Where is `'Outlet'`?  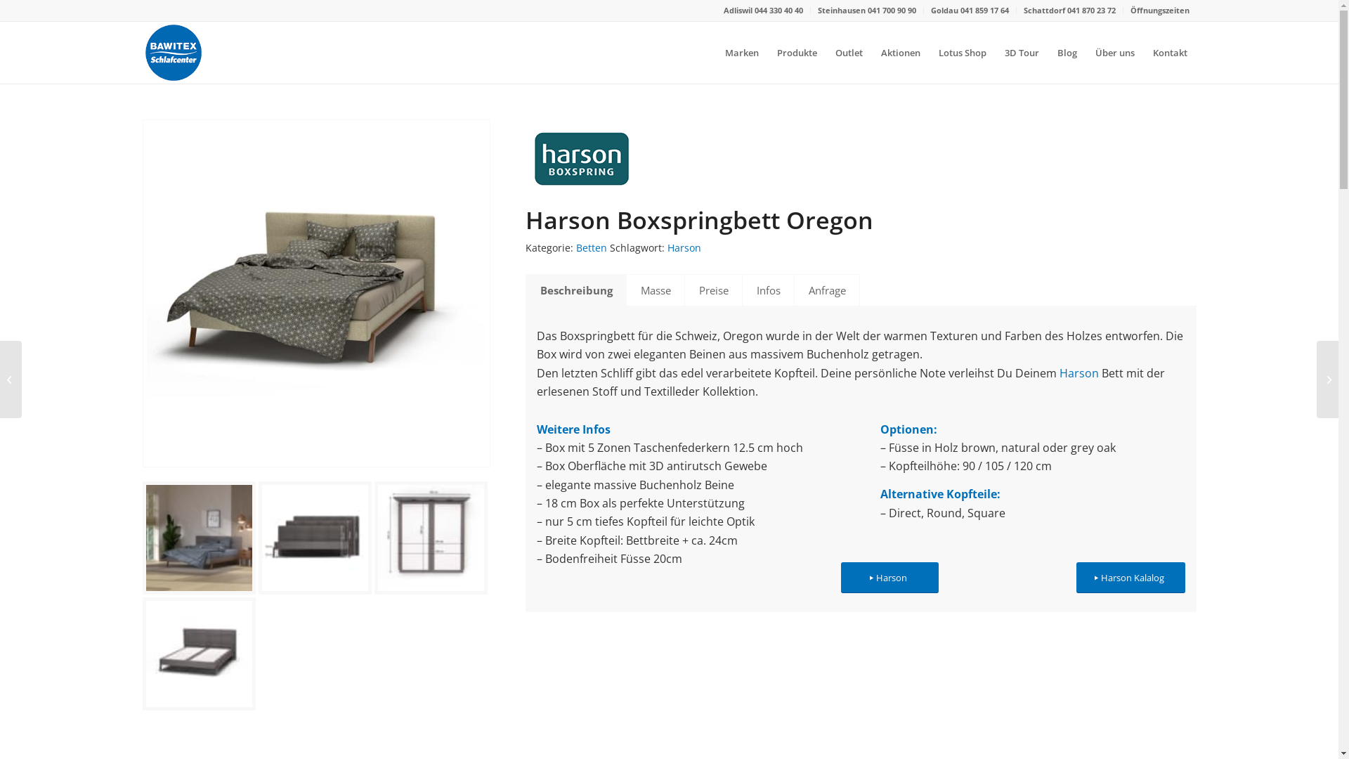
'Outlet' is located at coordinates (848, 51).